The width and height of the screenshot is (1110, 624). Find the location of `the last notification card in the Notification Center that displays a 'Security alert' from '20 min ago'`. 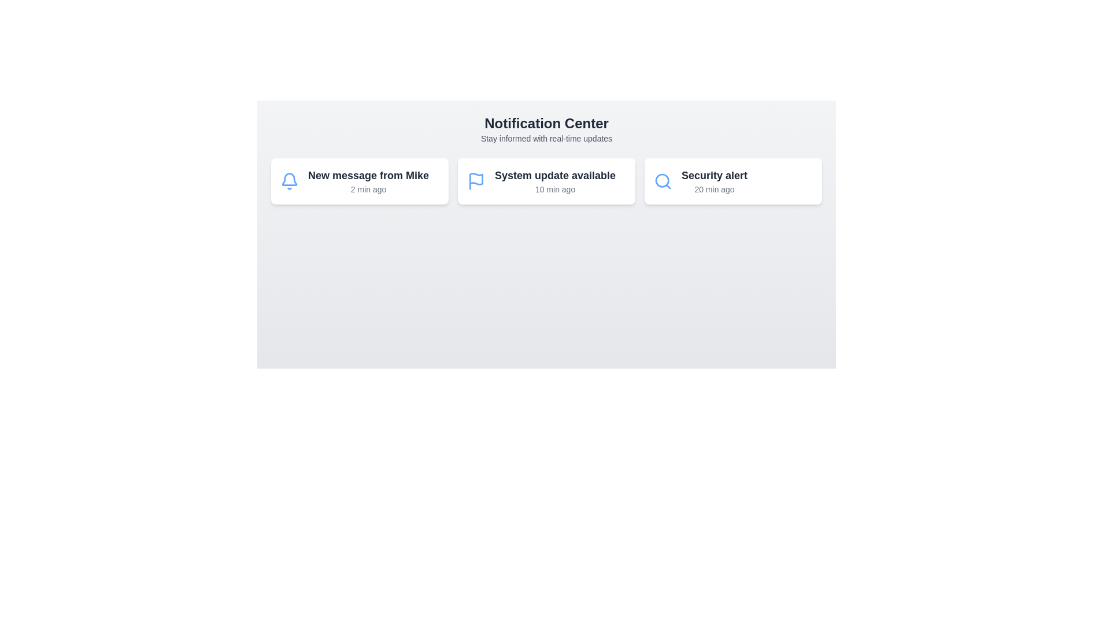

the last notification card in the Notification Center that displays a 'Security alert' from '20 min ago' is located at coordinates (714, 181).